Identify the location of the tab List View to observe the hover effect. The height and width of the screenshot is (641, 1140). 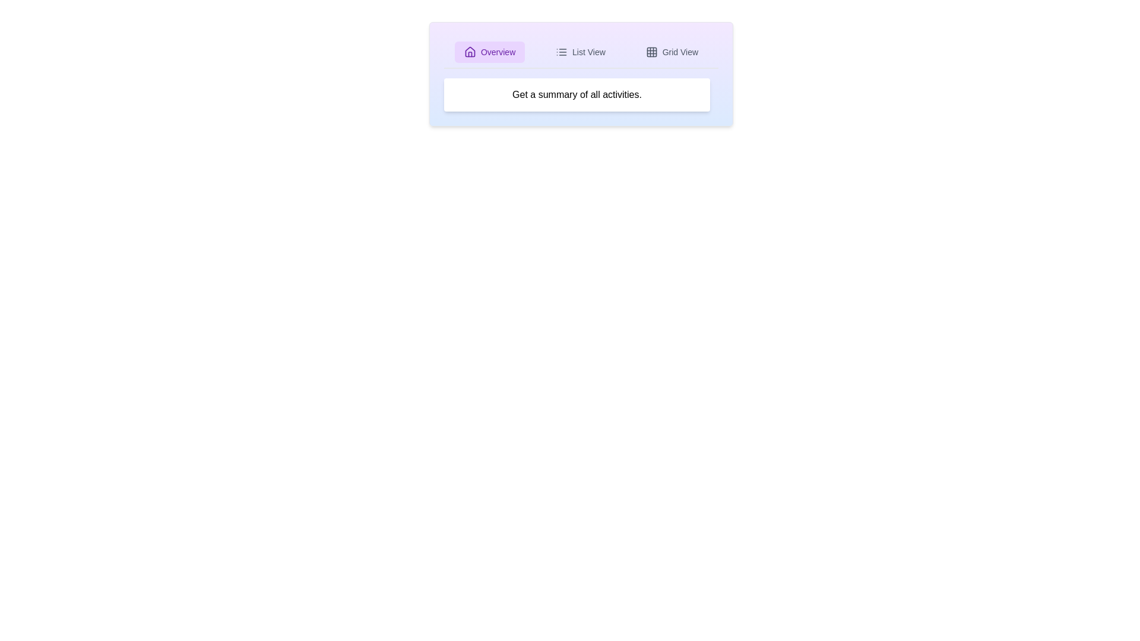
(581, 52).